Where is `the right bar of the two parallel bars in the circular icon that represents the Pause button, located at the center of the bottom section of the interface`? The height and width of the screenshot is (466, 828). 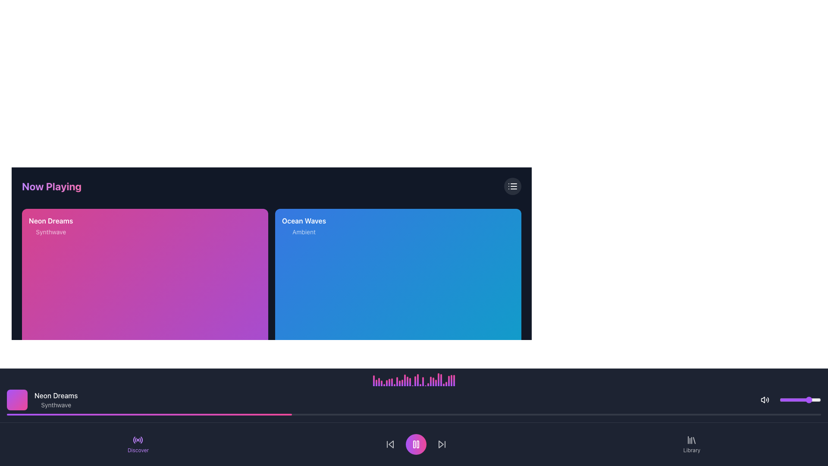 the right bar of the two parallel bars in the circular icon that represents the Pause button, located at the center of the bottom section of the interface is located at coordinates (417, 444).